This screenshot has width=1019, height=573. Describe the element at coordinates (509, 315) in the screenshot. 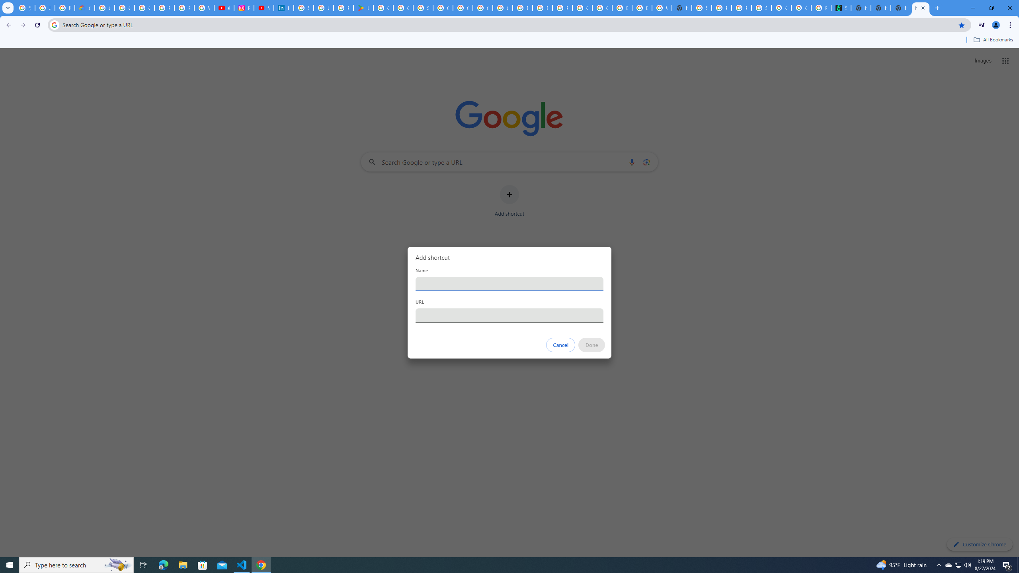

I see `'URL'` at that location.